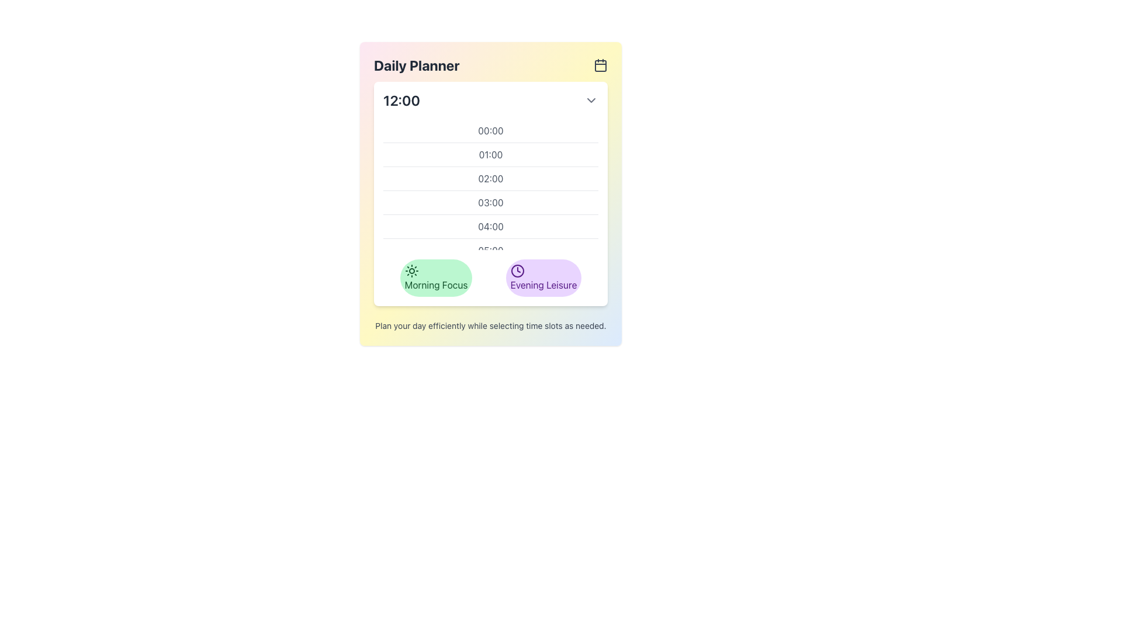 Image resolution: width=1122 pixels, height=631 pixels. Describe the element at coordinates (491, 178) in the screenshot. I see `the list item displaying the time '02:00'` at that location.